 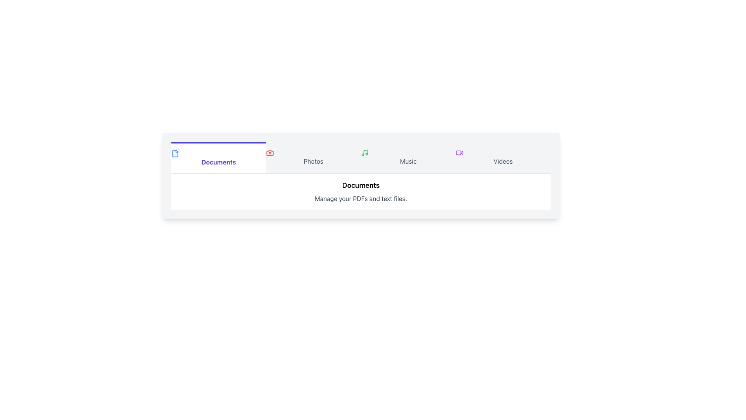 What do you see at coordinates (313, 161) in the screenshot?
I see `the 'Photos' text label in the navigation bar` at bounding box center [313, 161].